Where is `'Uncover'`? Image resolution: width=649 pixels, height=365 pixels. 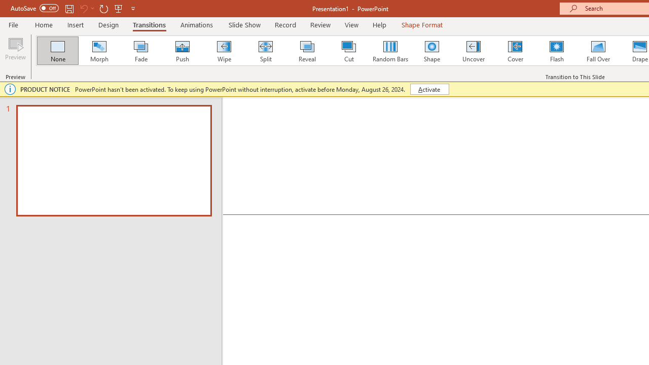 'Uncover' is located at coordinates (473, 51).